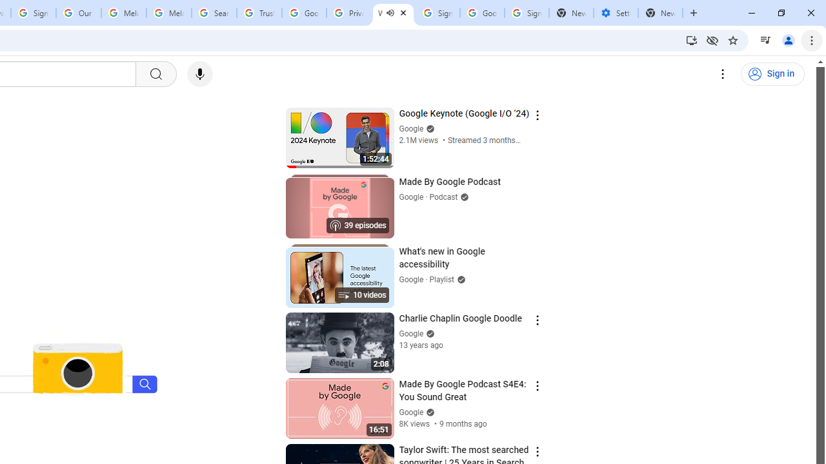 The height and width of the screenshot is (464, 826). I want to click on 'Settings - Addresses and more', so click(615, 13).